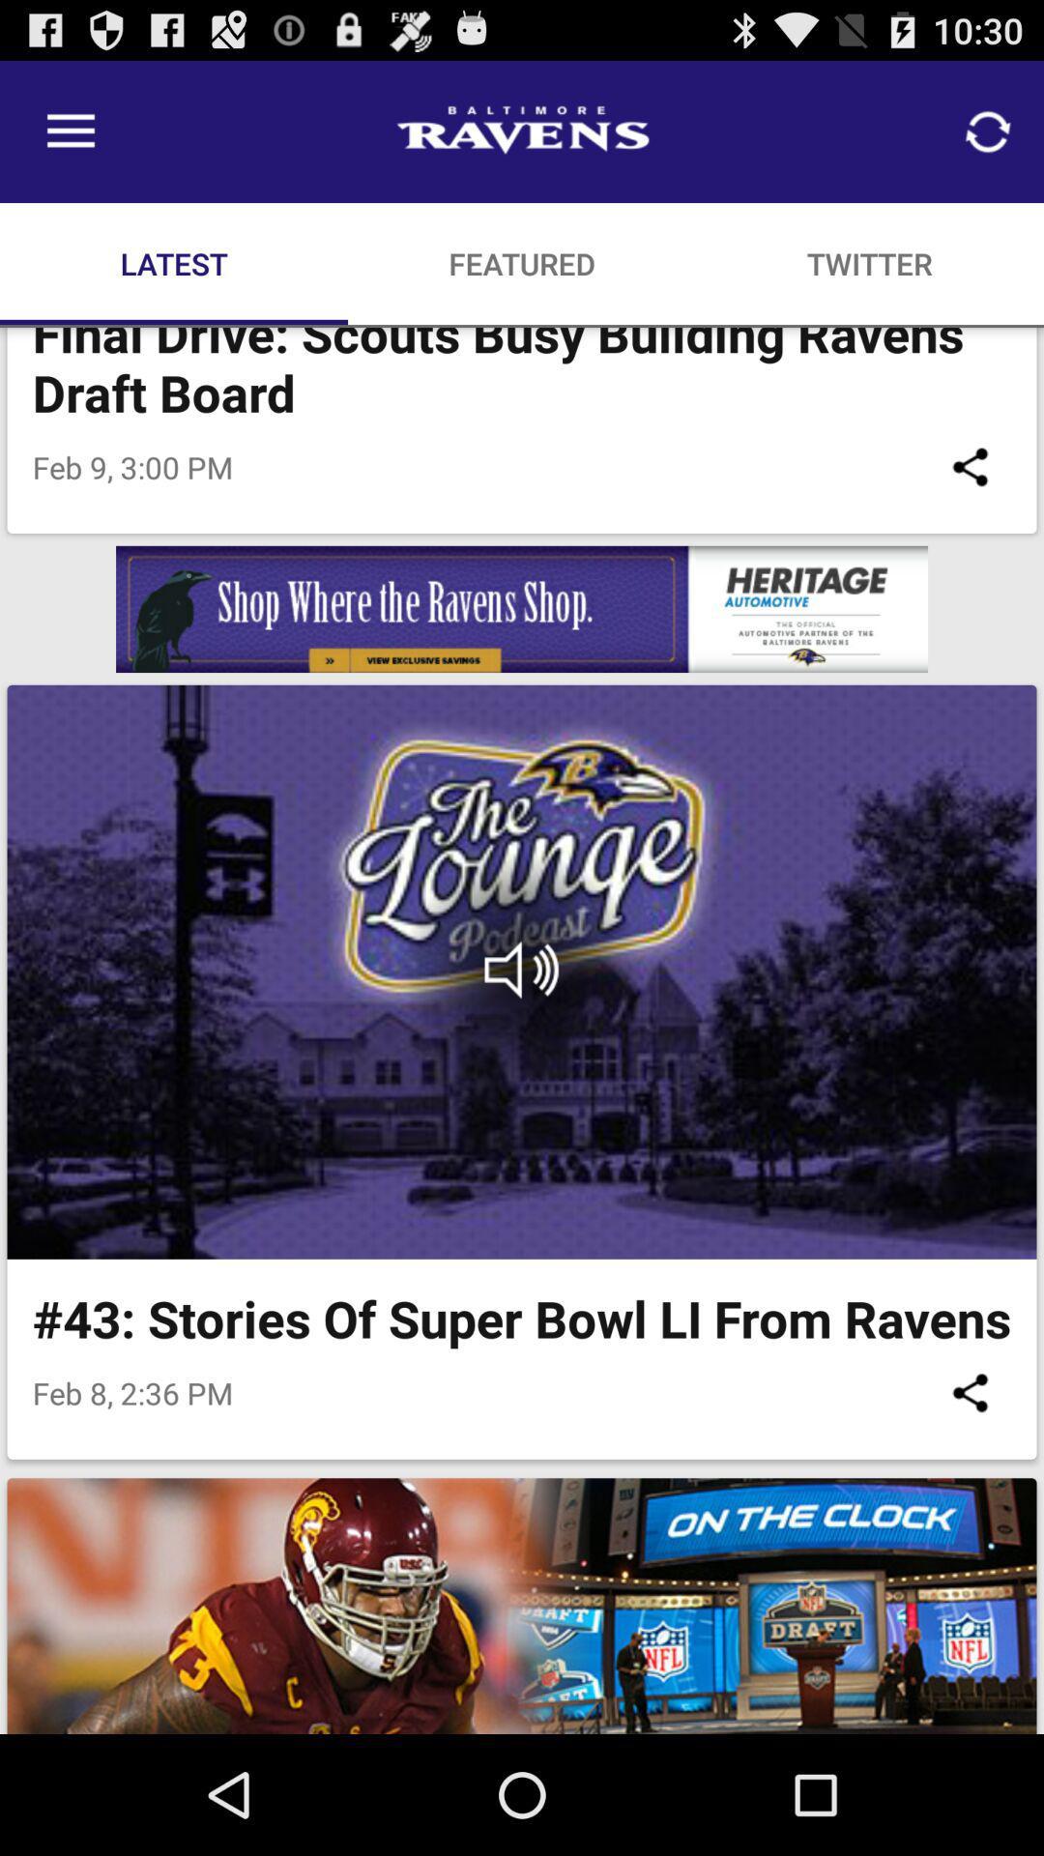 This screenshot has height=1856, width=1044. Describe the element at coordinates (70, 130) in the screenshot. I see `item above latest item` at that location.